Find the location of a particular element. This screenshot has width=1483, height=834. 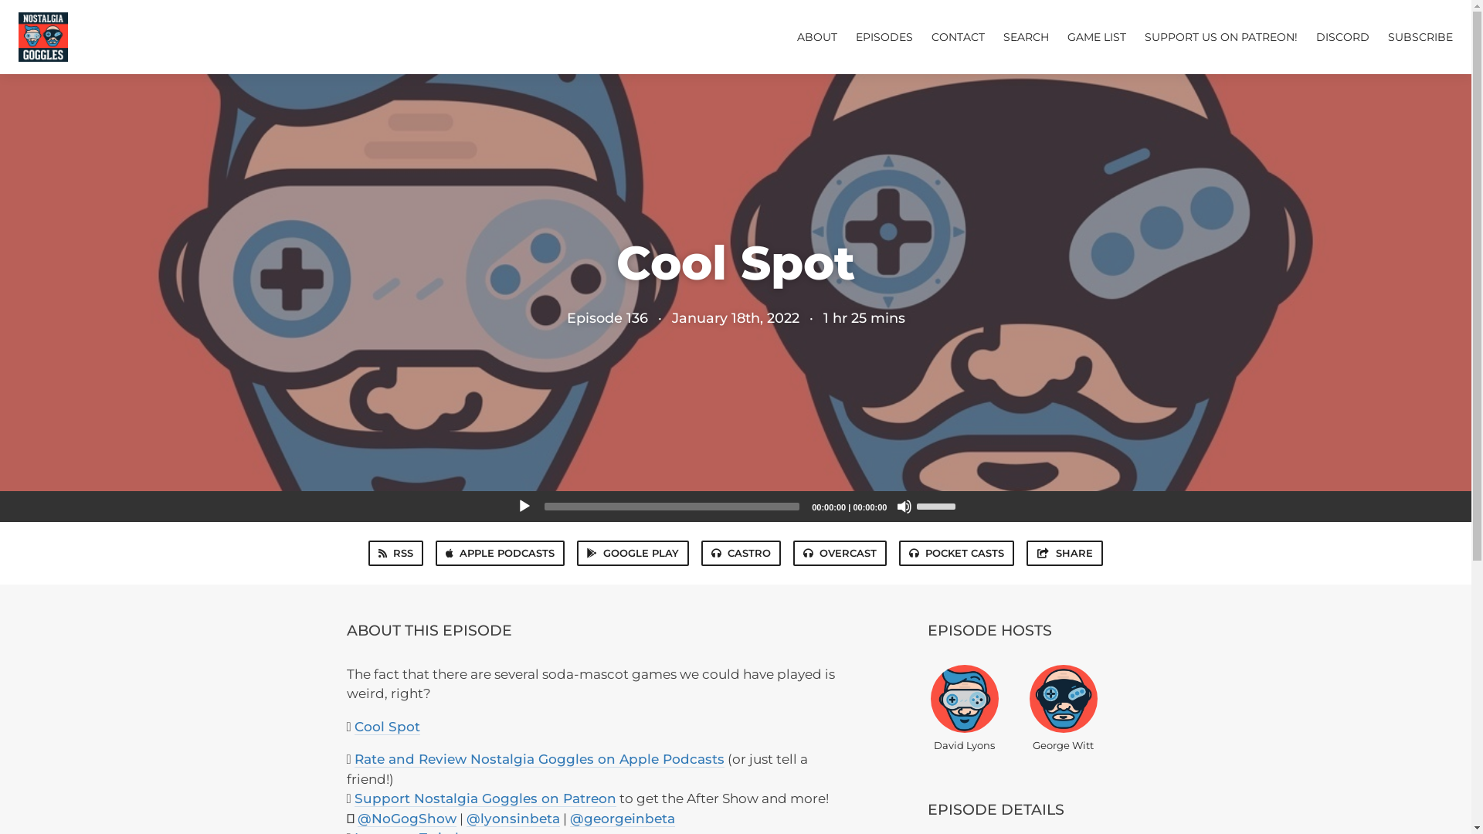

'GAME LIST' is located at coordinates (1096, 36).